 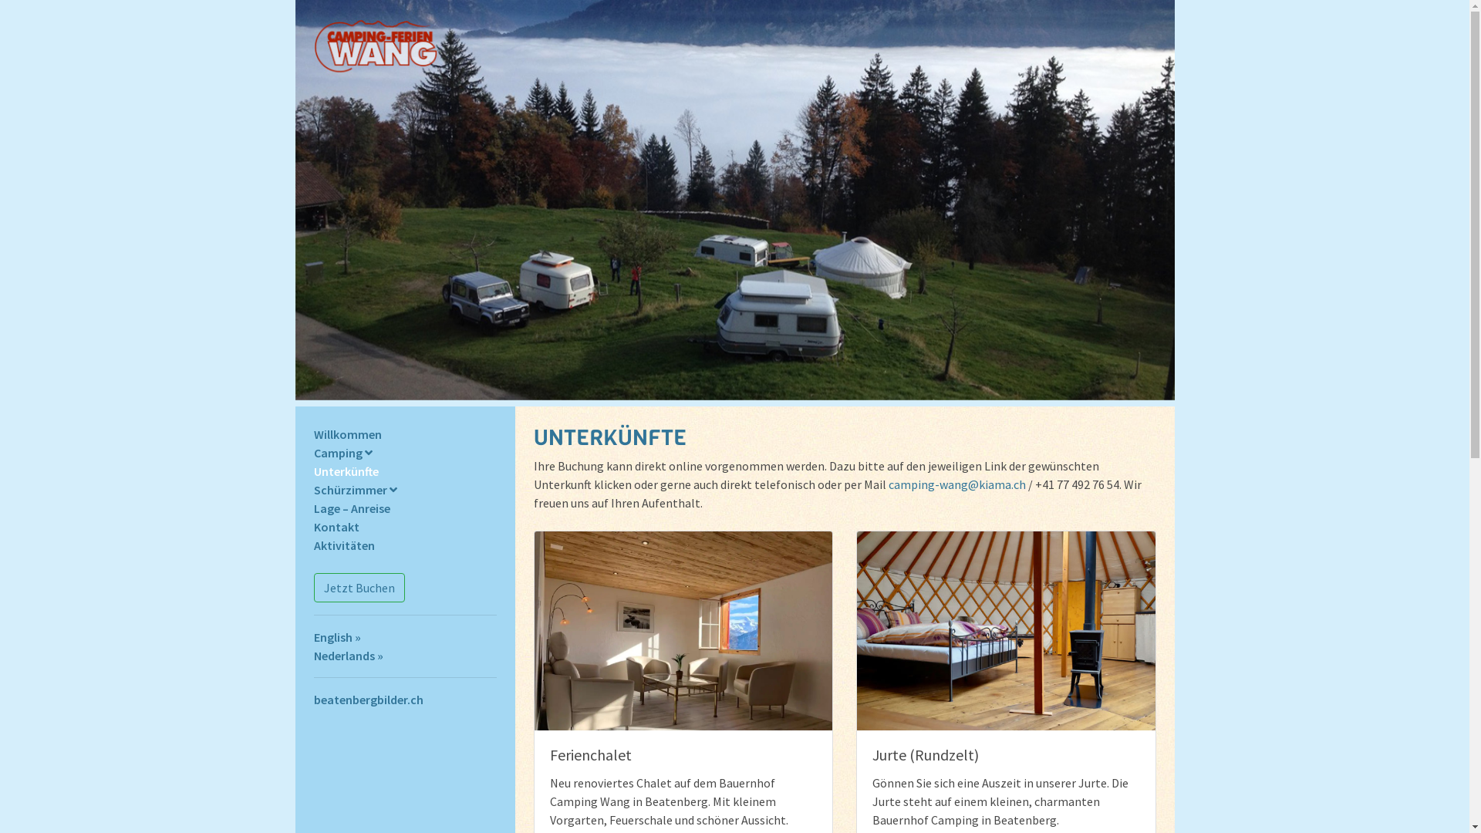 I want to click on 'Willkommen', so click(x=346, y=434).